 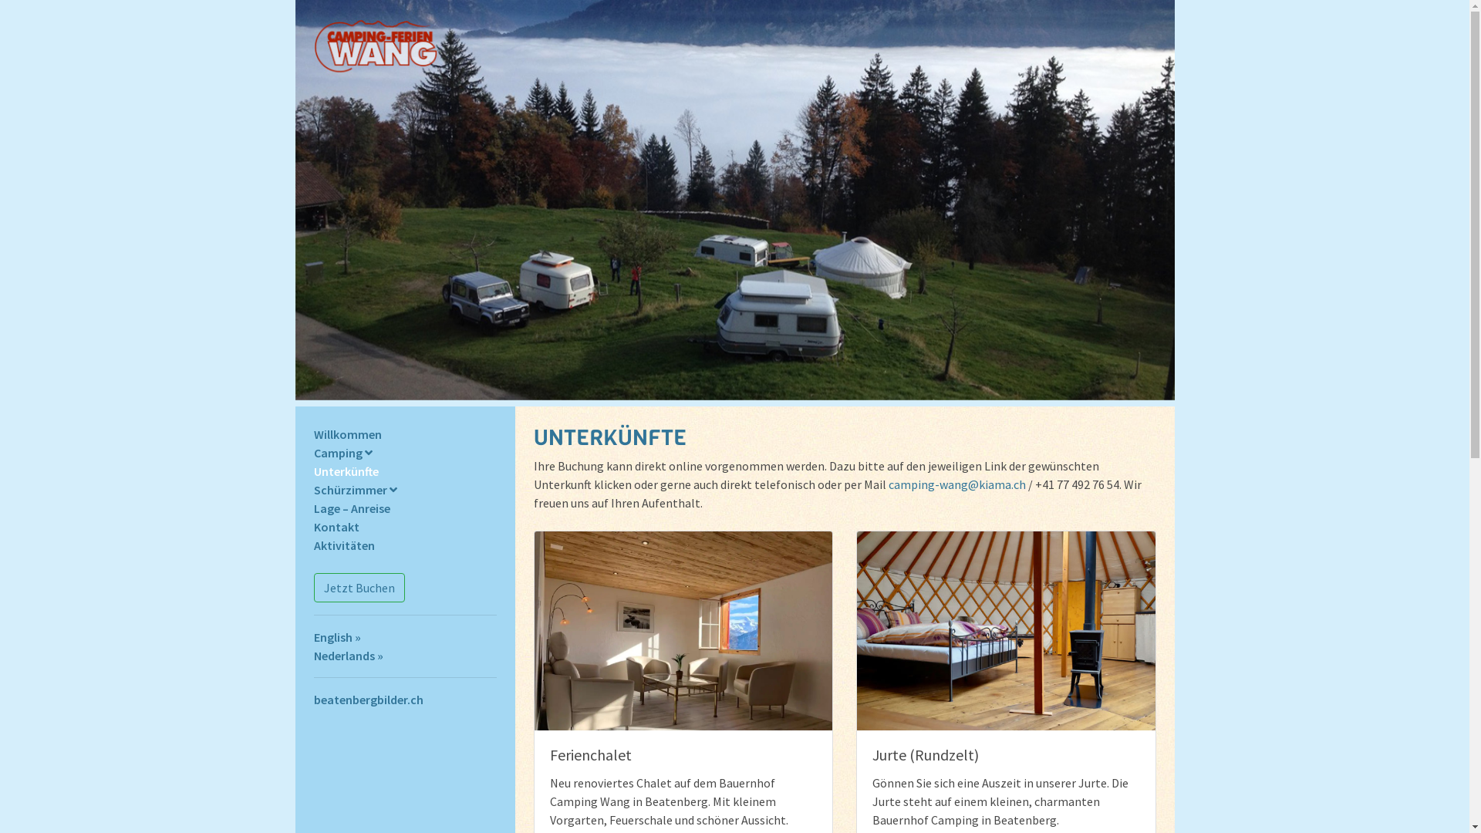 I want to click on 'Willkommen', so click(x=346, y=434).